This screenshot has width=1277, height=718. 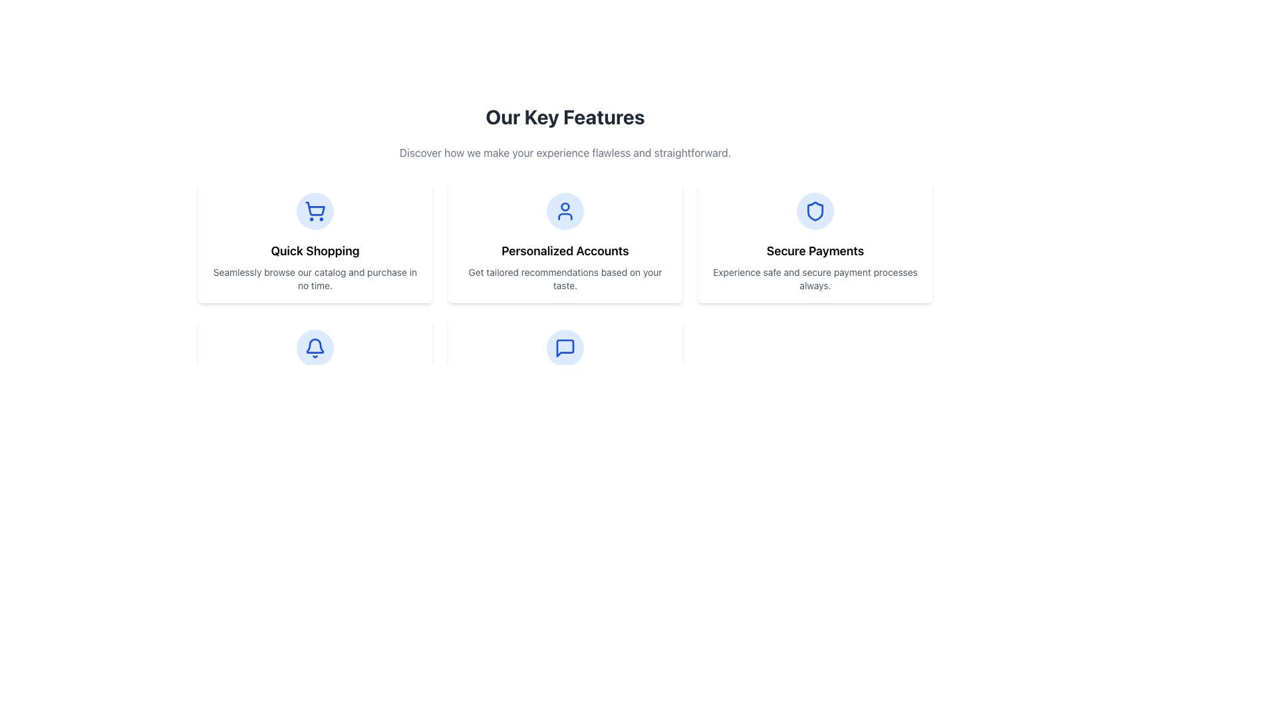 What do you see at coordinates (814, 210) in the screenshot?
I see `the secure payments icon located in the top-center of the white card that contains the title 'Secure Payments'` at bounding box center [814, 210].